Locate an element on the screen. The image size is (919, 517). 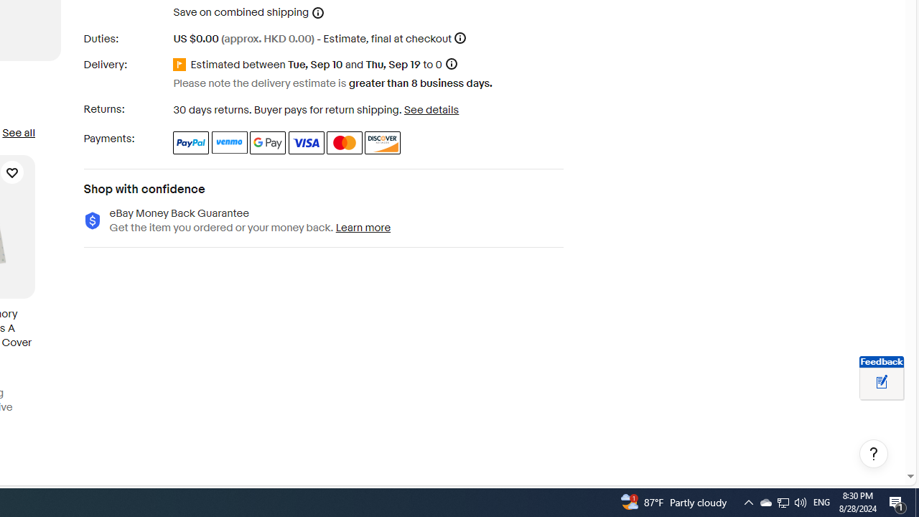
'Venmo' is located at coordinates (230, 142).